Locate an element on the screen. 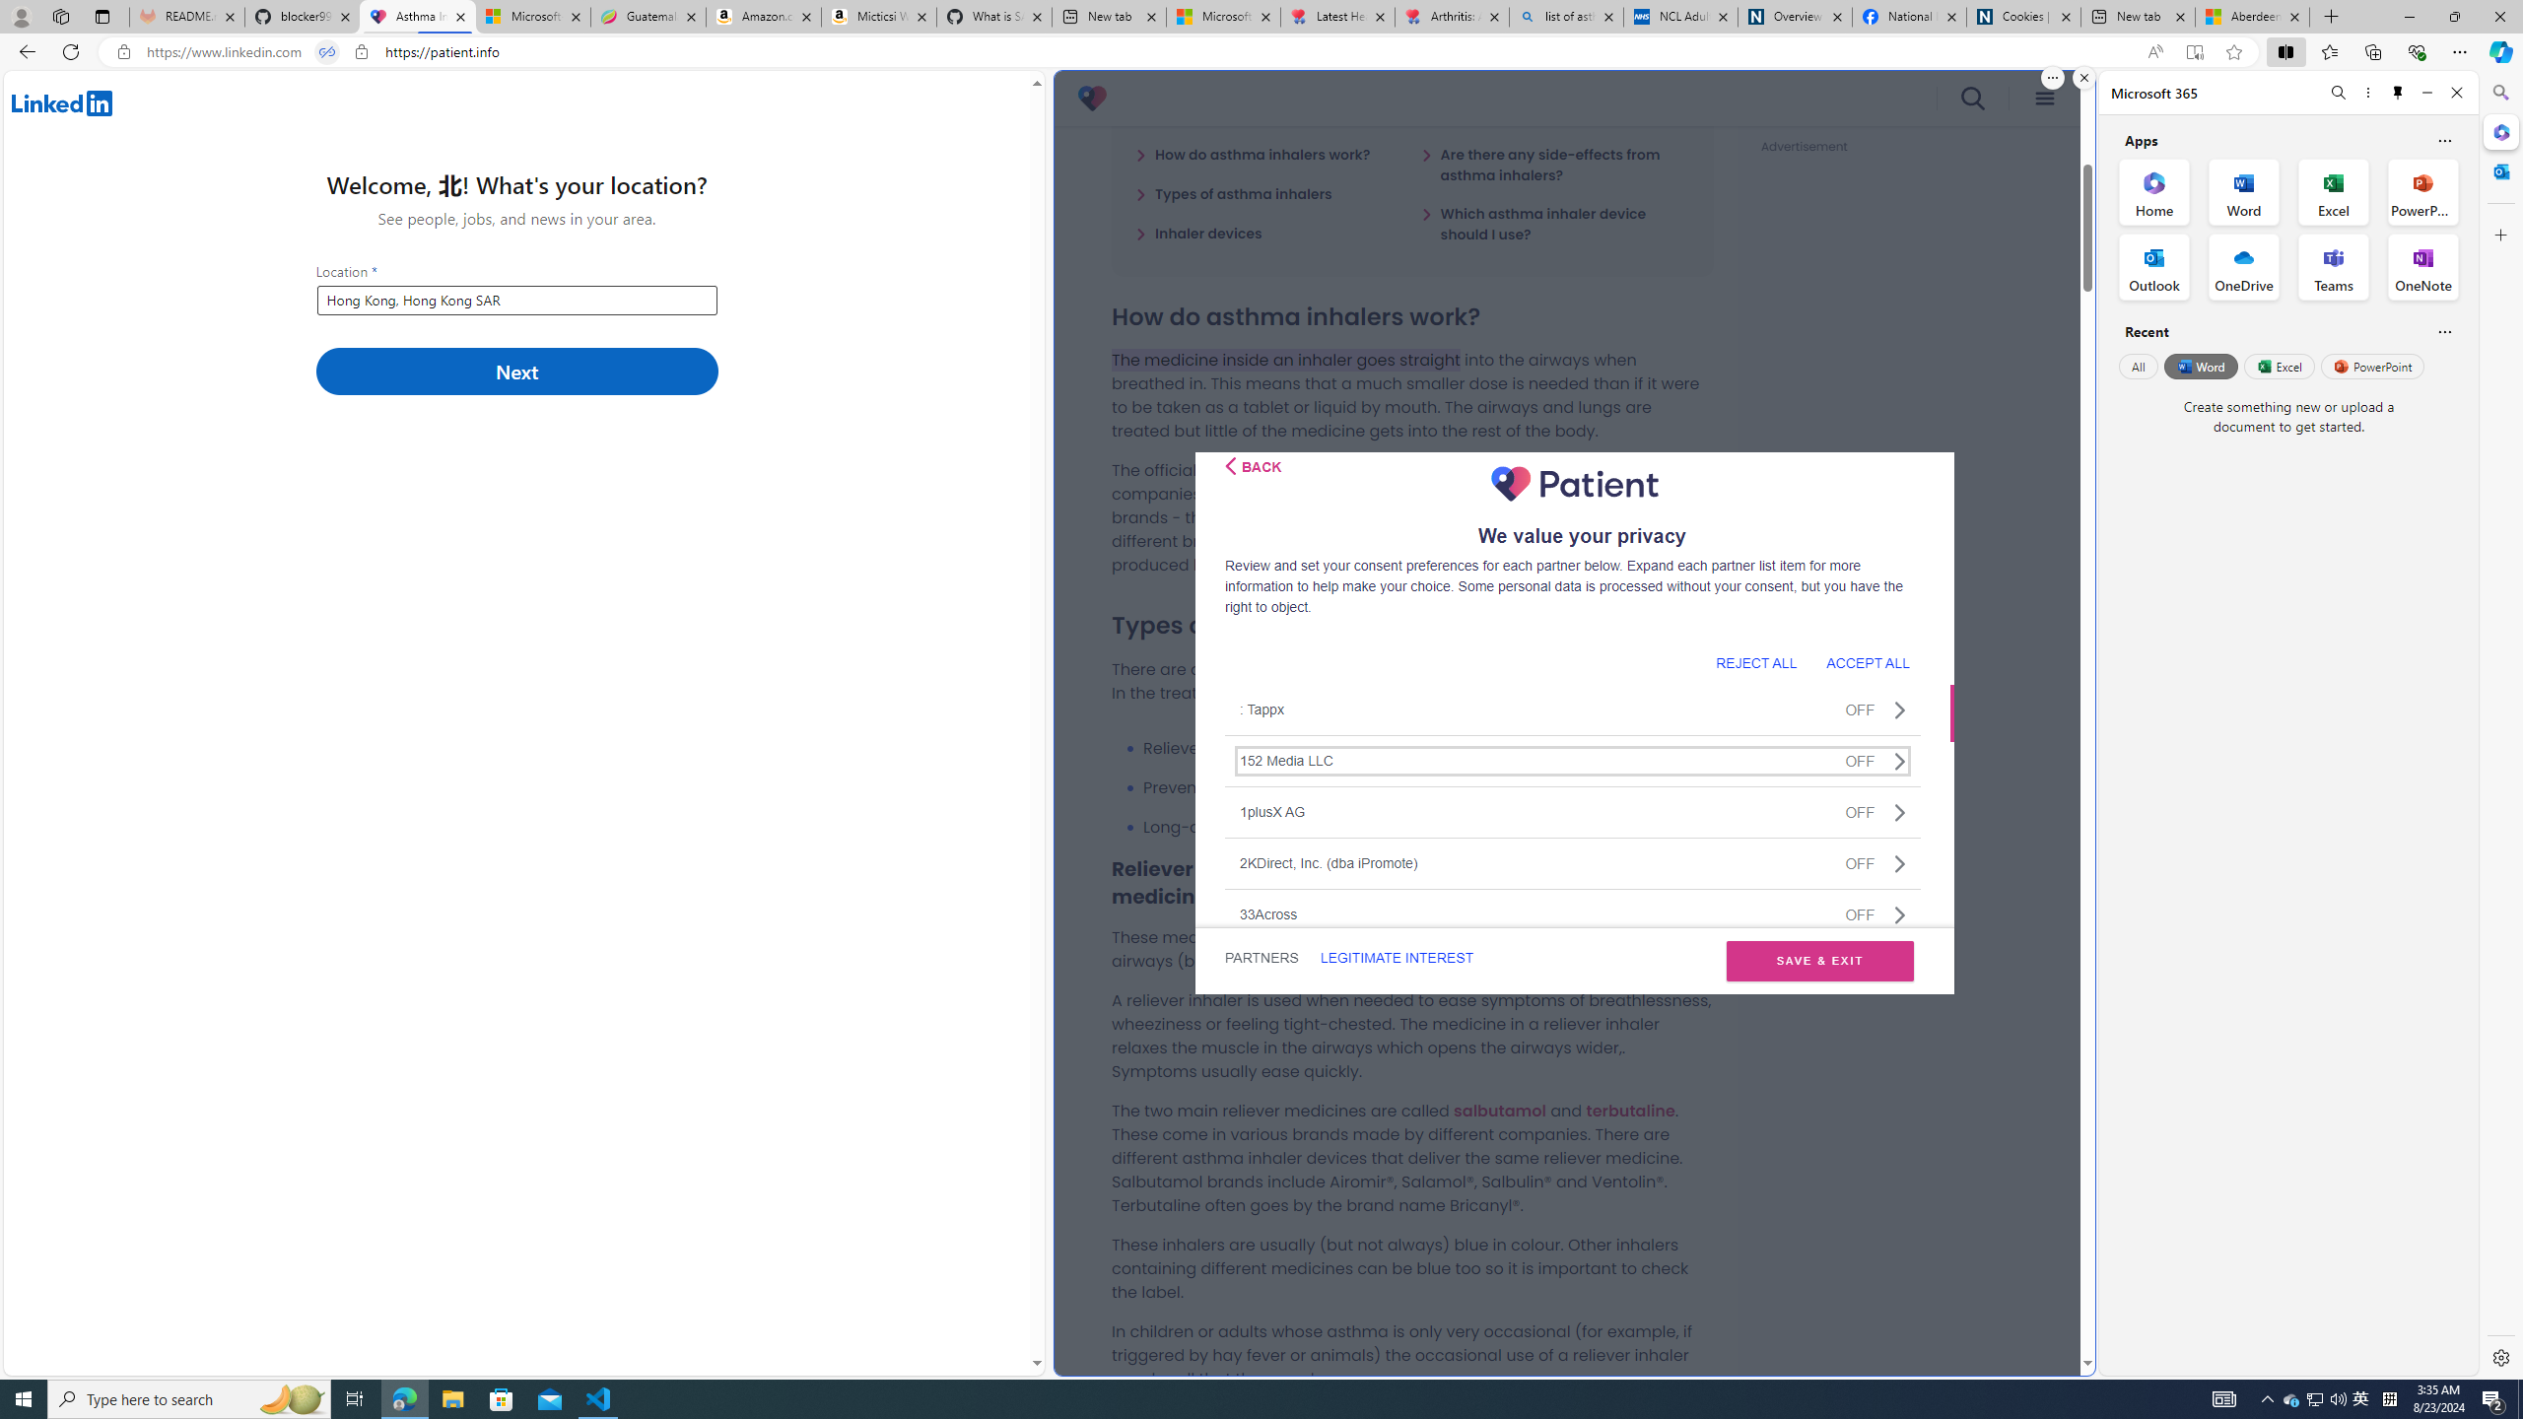 This screenshot has width=2523, height=1419. 'View site information' is located at coordinates (361, 52).